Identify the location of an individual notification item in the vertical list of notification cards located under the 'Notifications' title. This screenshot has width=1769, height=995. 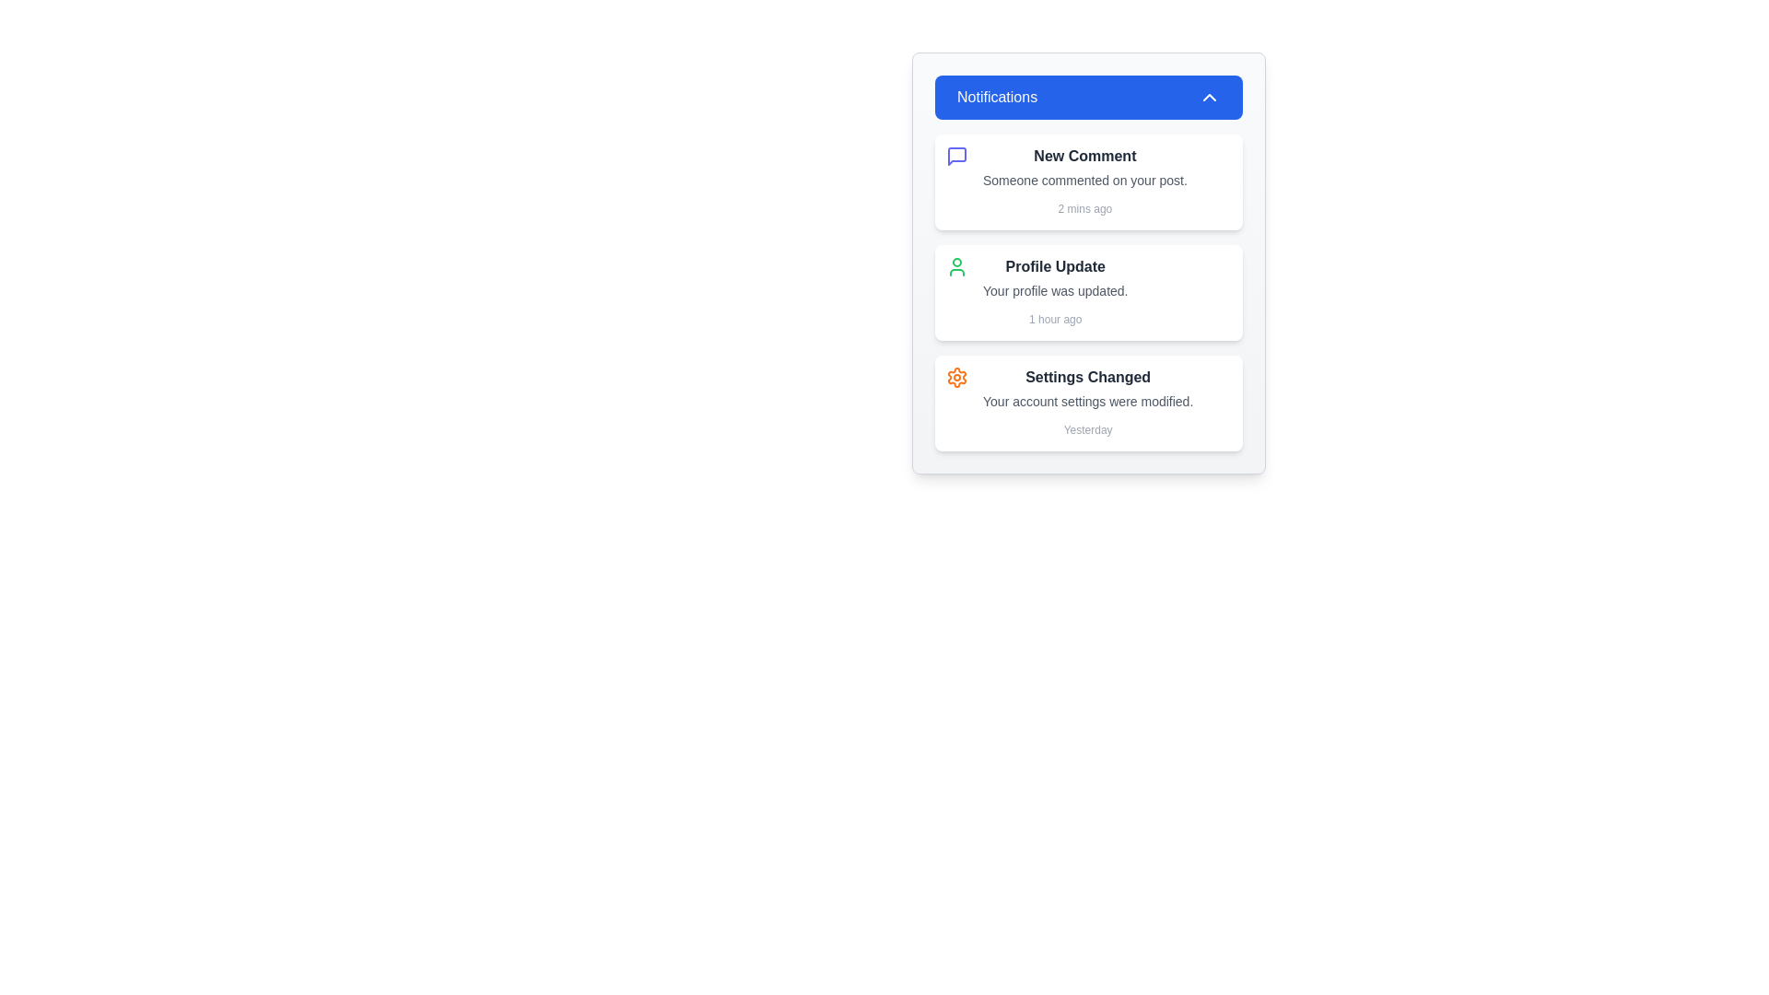
(1088, 291).